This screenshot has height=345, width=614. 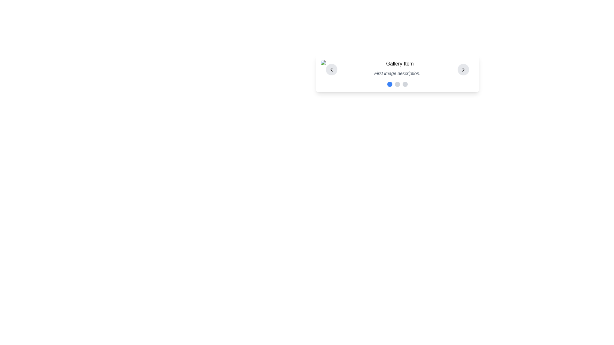 I want to click on the left navigation button in the gallery viewer, so click(x=331, y=70).